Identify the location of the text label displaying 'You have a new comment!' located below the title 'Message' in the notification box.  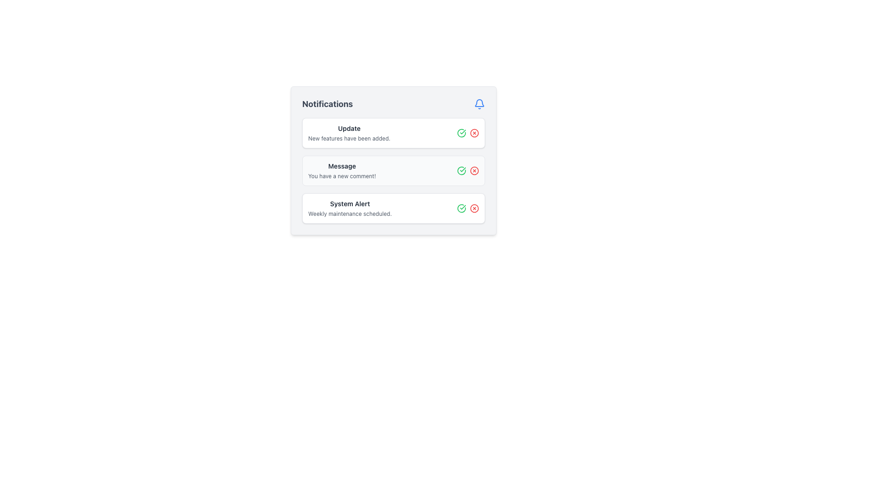
(341, 176).